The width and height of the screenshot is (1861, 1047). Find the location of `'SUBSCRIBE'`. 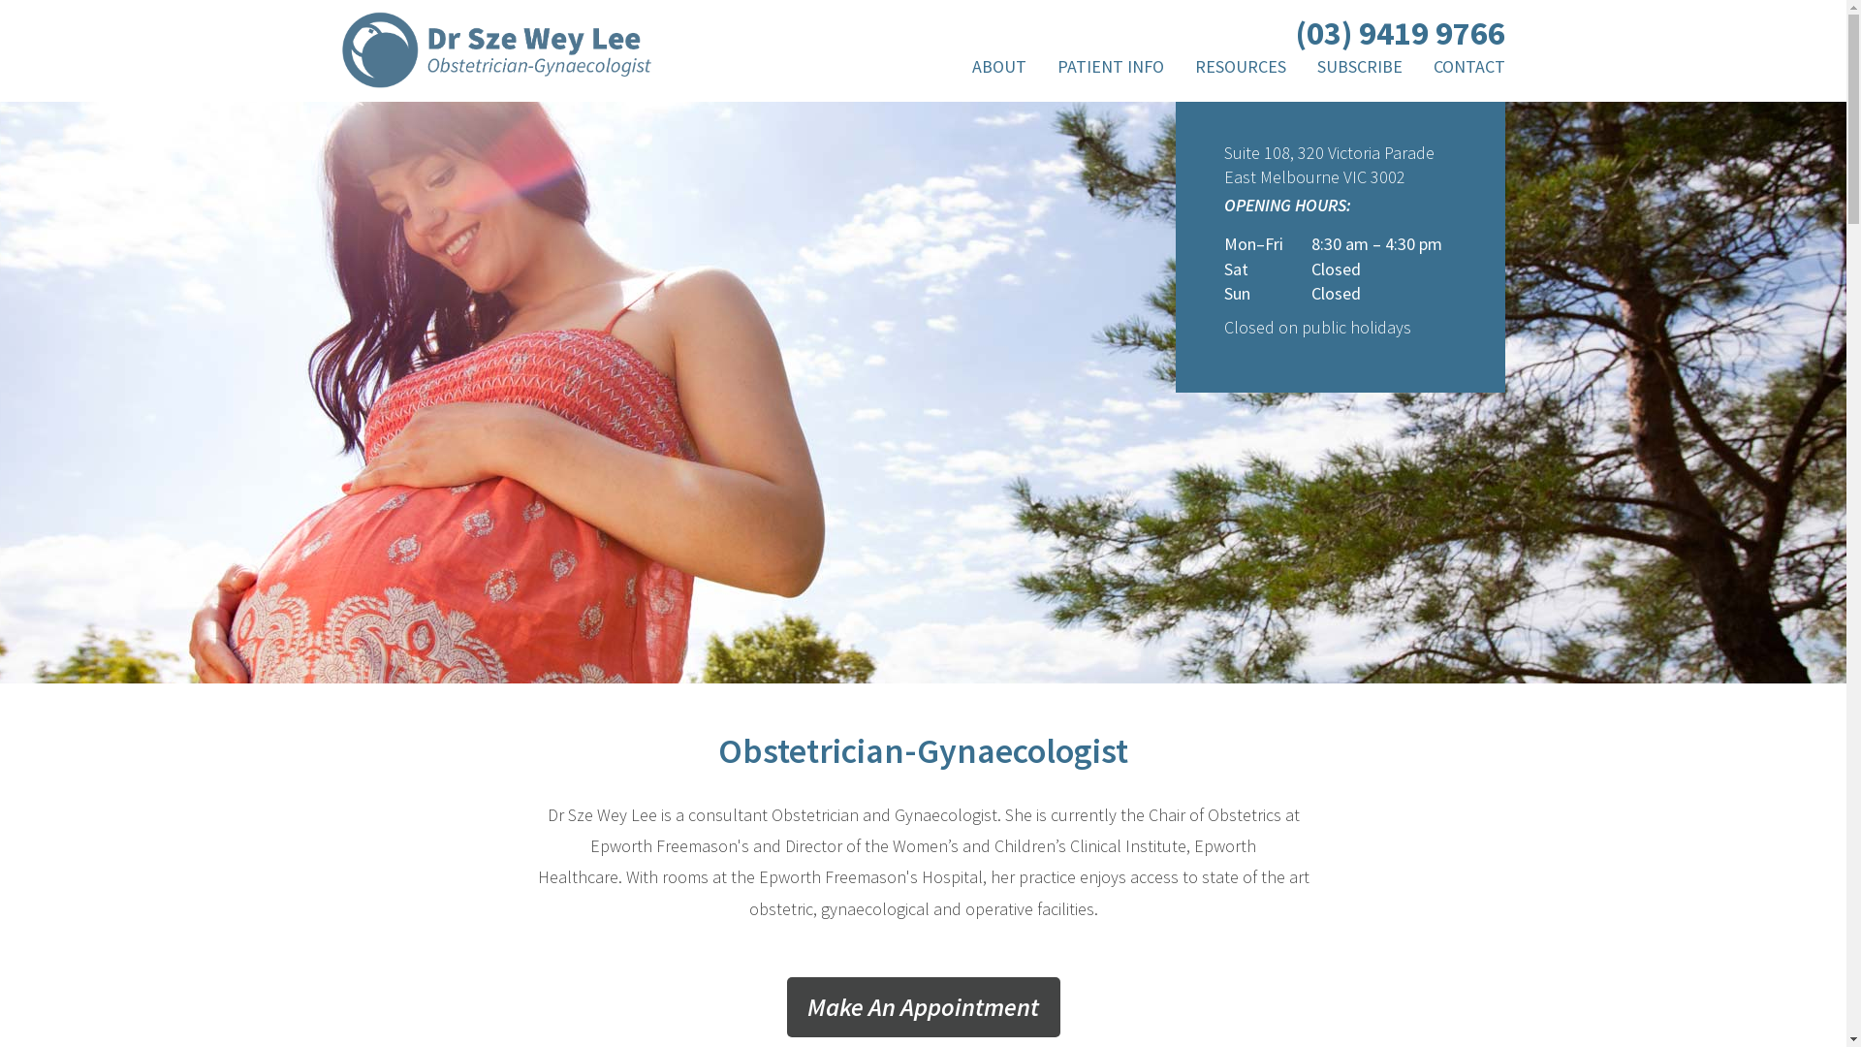

'SUBSCRIBE' is located at coordinates (1357, 70).